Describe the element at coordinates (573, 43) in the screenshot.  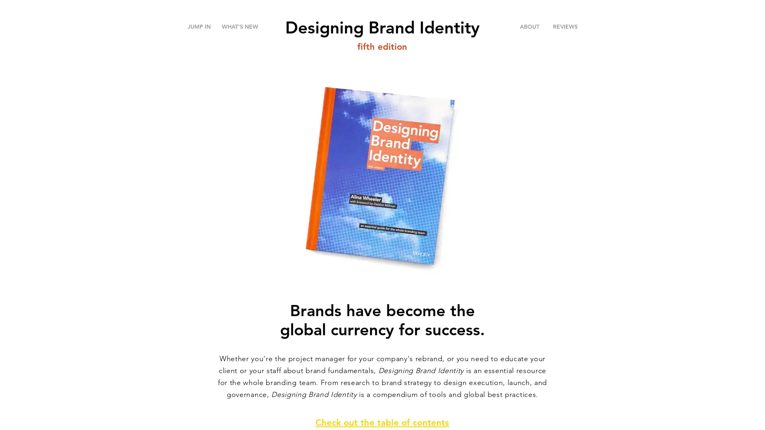
I see `FAQS` at that location.